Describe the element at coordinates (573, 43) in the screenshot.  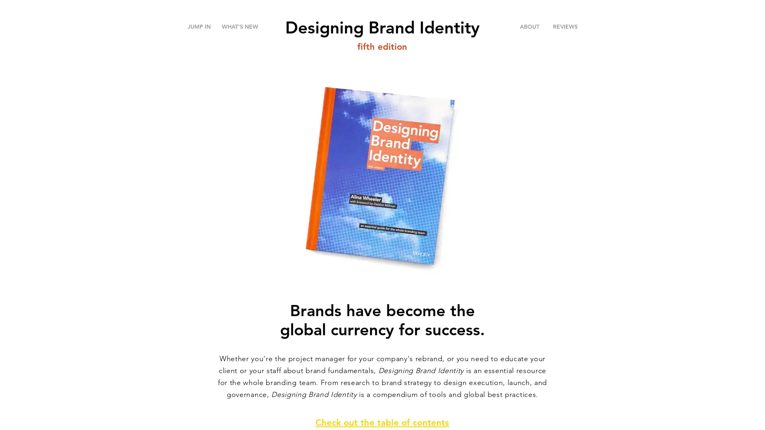
I see `FAQS` at that location.